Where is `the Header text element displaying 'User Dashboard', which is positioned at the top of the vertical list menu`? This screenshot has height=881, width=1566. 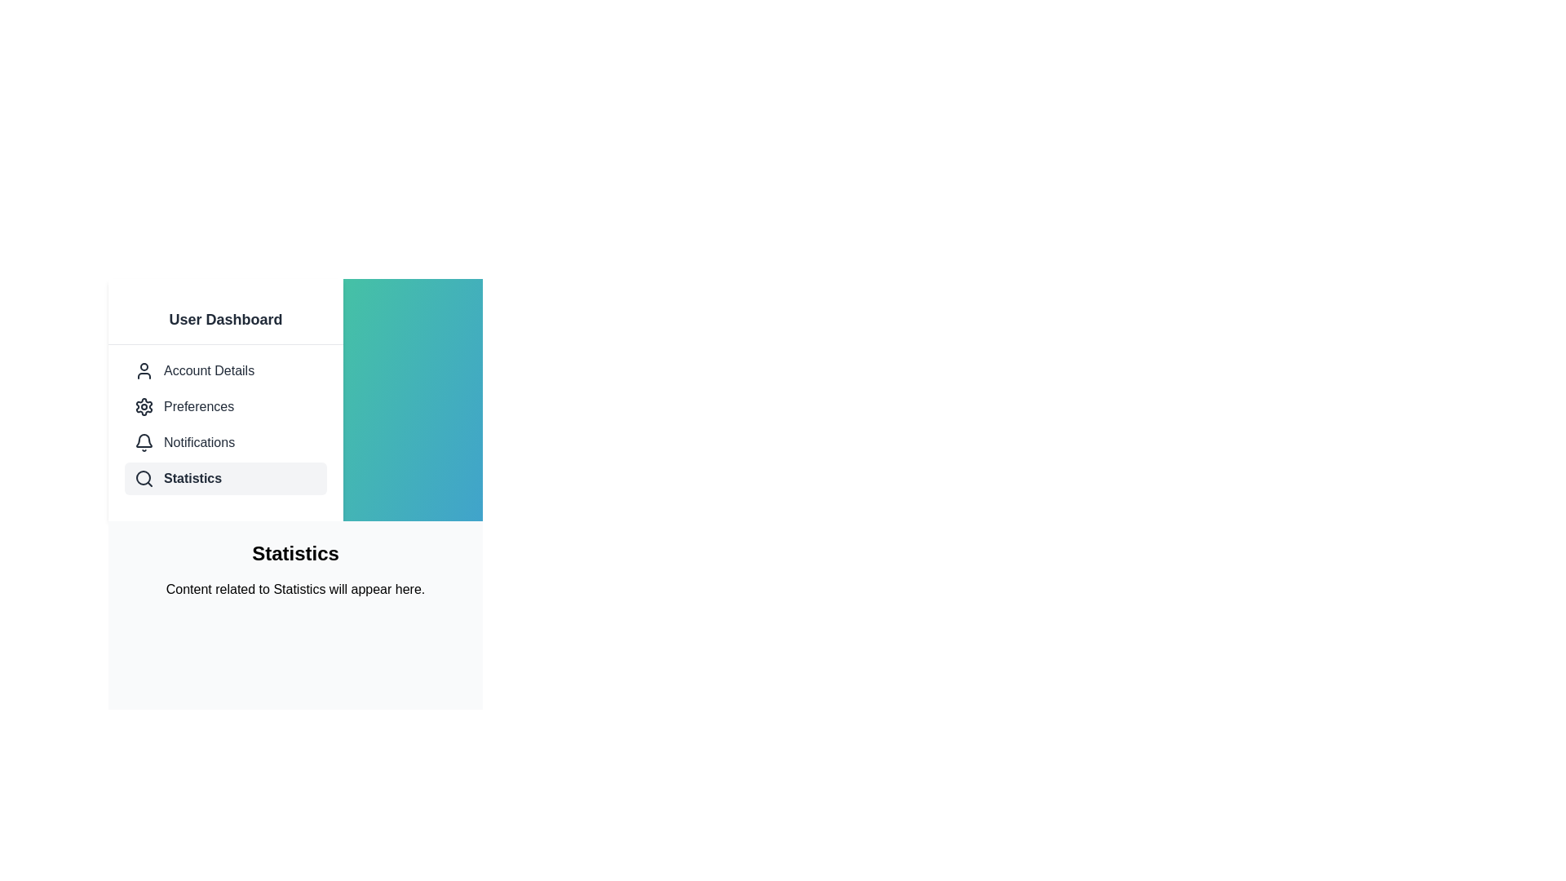
the Header text element displaying 'User Dashboard', which is positioned at the top of the vertical list menu is located at coordinates (225, 320).